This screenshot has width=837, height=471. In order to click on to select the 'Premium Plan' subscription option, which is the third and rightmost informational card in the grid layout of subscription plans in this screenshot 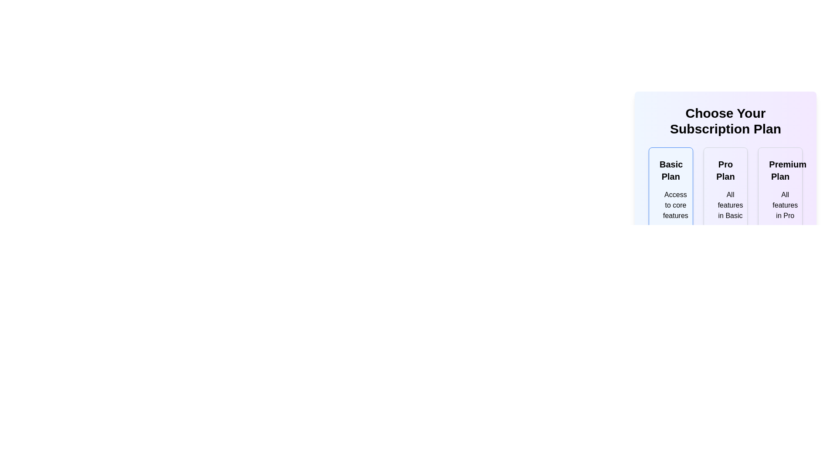, I will do `click(780, 228)`.